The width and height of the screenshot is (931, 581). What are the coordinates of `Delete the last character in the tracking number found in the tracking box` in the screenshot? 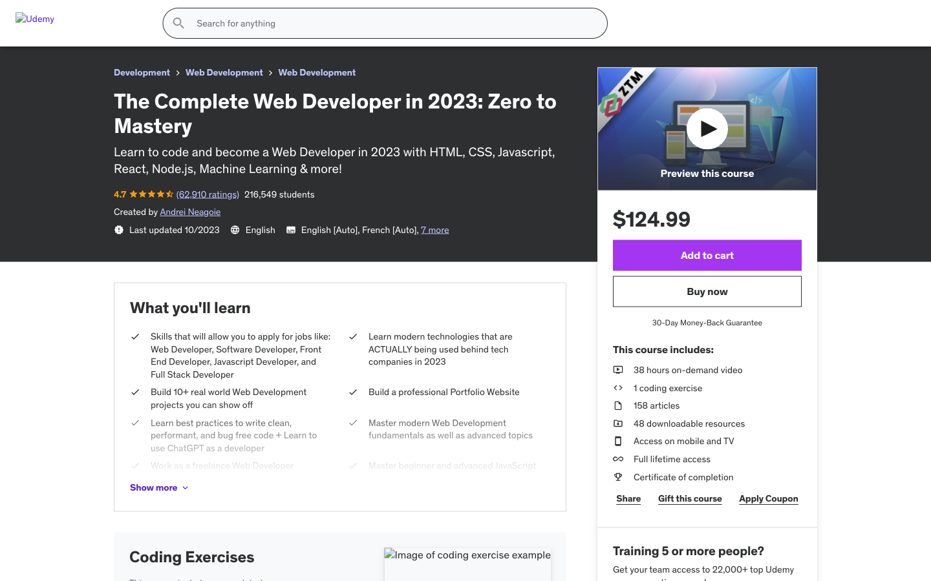 It's located at (381, 224).